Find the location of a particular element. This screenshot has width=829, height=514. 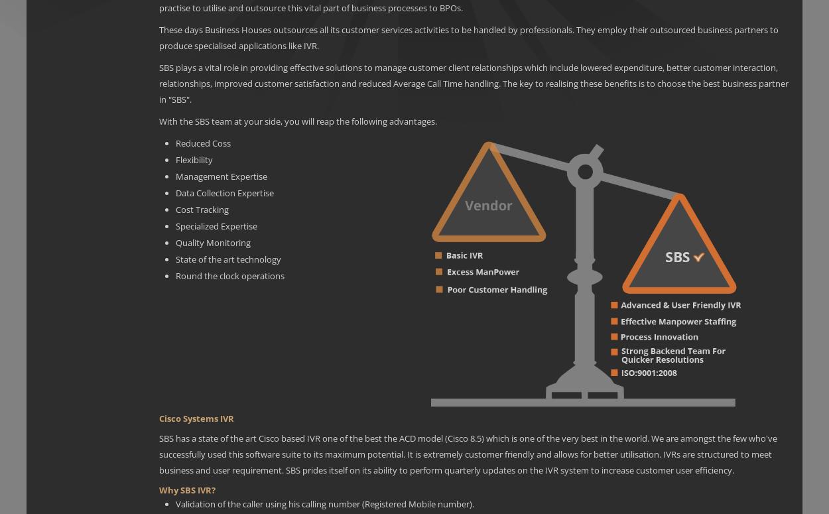

'SBS plays a vital role in providing effective solutions to manage customer client relationships which include lowered expenditure, better customer interaction, relationships, improved customer satisfaction and reduced Average Call Time handling. The key to realising these benefits is to choose the best business partner in "SBS".' is located at coordinates (473, 84).